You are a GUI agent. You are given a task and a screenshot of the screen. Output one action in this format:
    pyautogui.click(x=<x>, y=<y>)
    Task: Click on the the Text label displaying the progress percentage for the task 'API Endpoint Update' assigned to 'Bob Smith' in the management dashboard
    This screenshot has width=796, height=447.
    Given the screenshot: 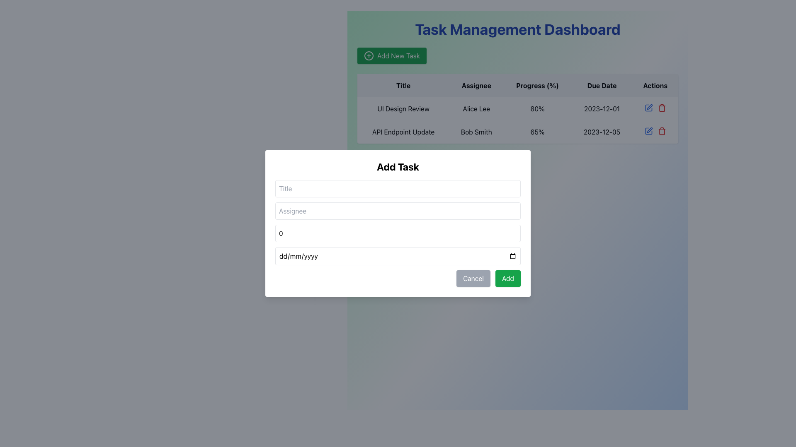 What is the action you would take?
    pyautogui.click(x=537, y=132)
    